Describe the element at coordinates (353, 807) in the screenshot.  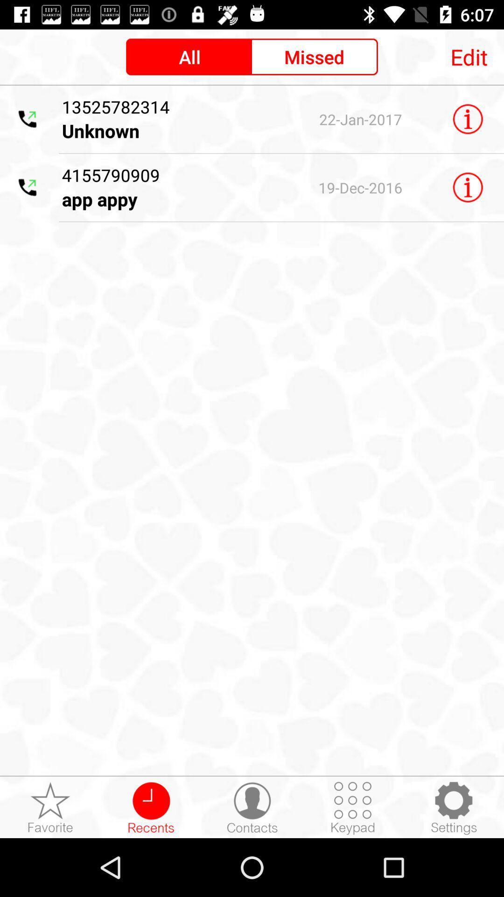
I see `the dialpad icon` at that location.